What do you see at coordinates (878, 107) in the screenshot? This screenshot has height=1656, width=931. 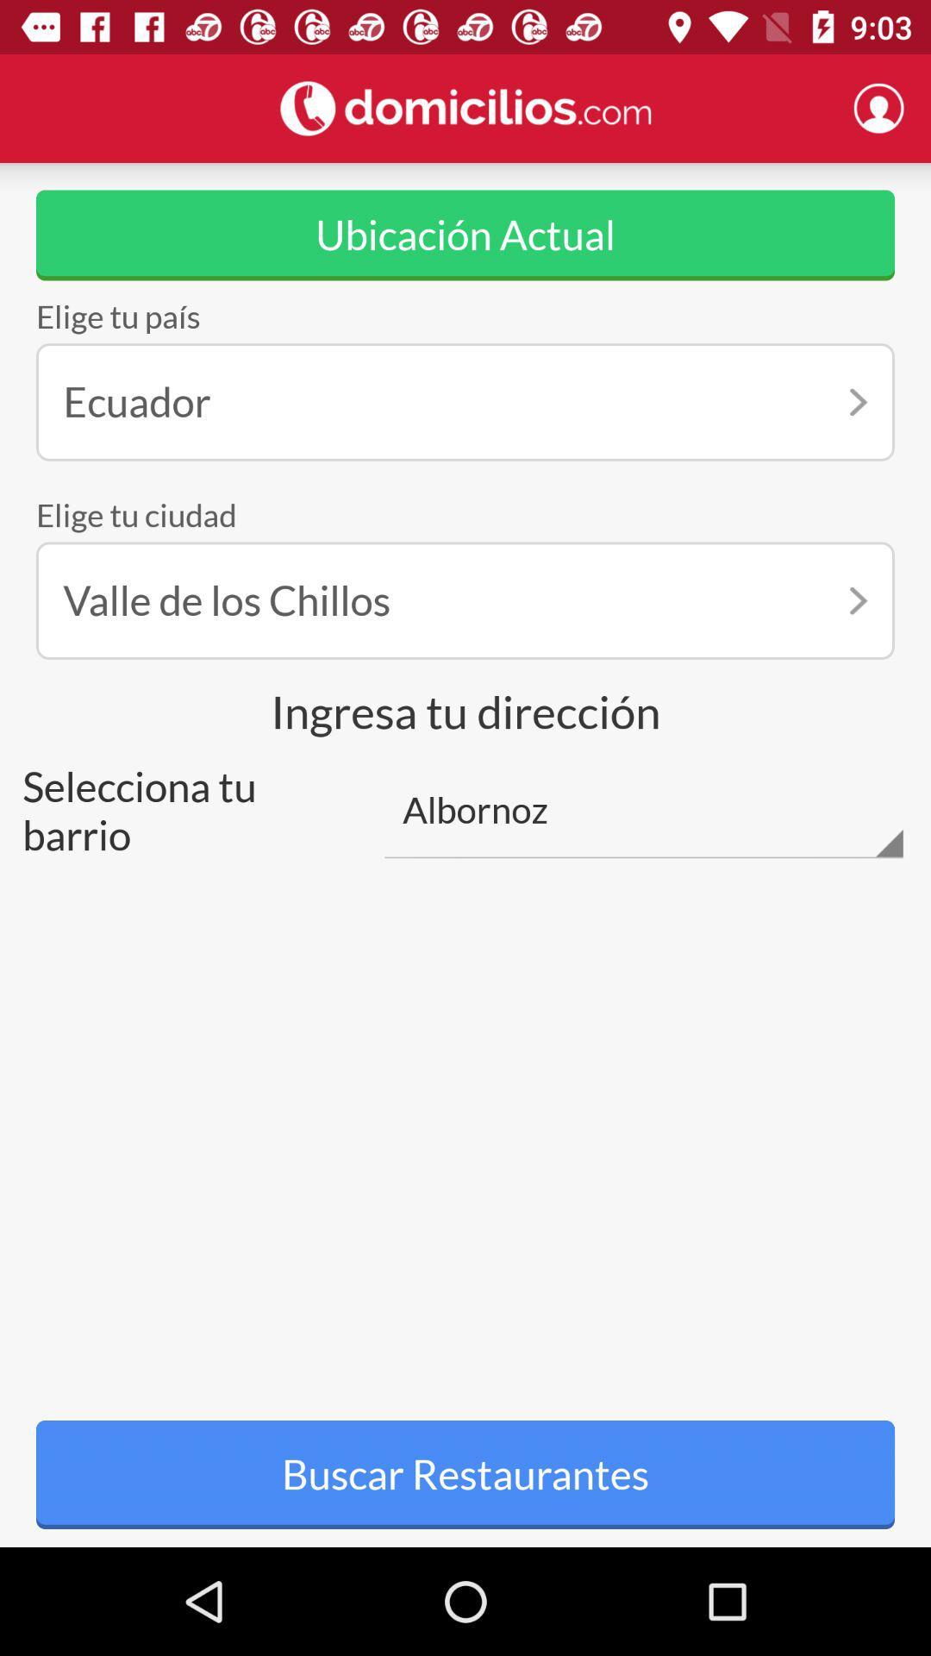 I see `profile` at bounding box center [878, 107].